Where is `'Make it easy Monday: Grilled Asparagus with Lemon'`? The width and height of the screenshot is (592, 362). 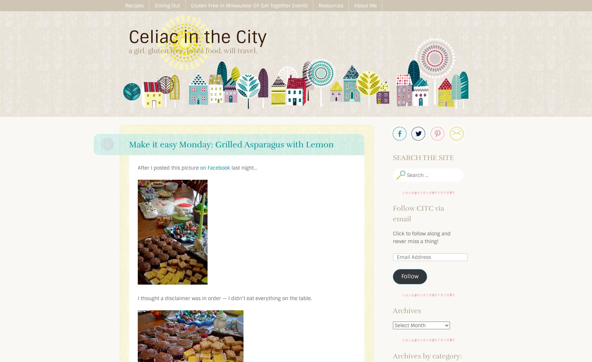 'Make it easy Monday: Grilled Asparagus with Lemon' is located at coordinates (231, 144).